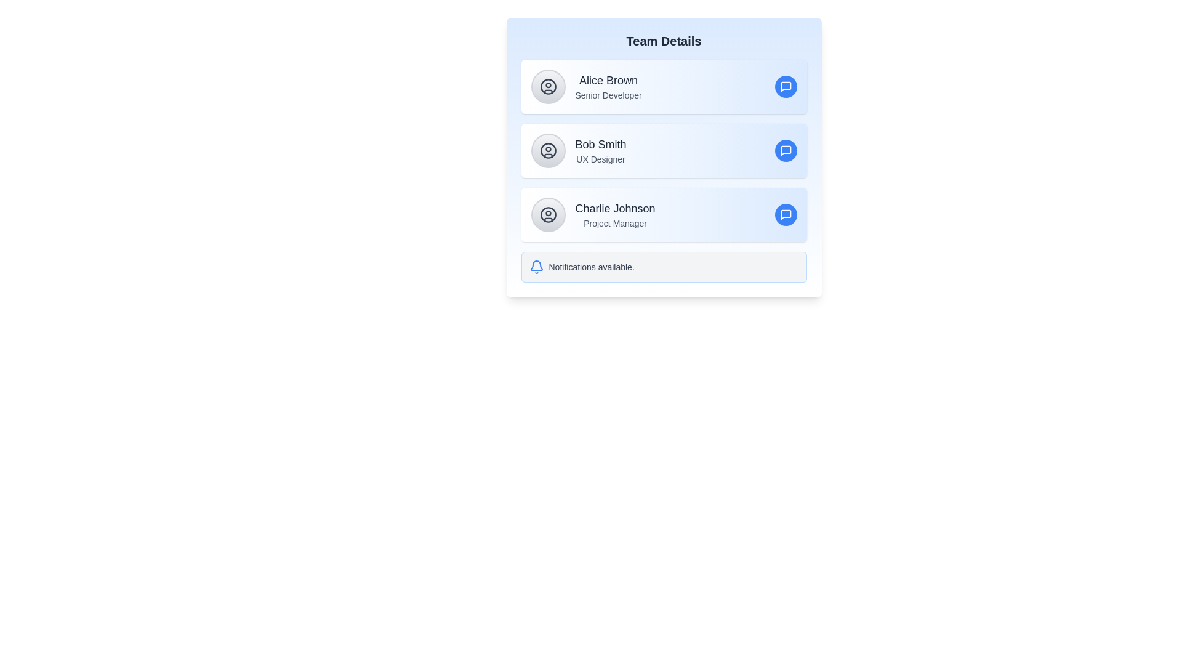 The image size is (1182, 665). What do you see at coordinates (615, 208) in the screenshot?
I see `the text label displaying the name 'Charlie Johnson' in the third card of the team members list under 'Team Details'` at bounding box center [615, 208].